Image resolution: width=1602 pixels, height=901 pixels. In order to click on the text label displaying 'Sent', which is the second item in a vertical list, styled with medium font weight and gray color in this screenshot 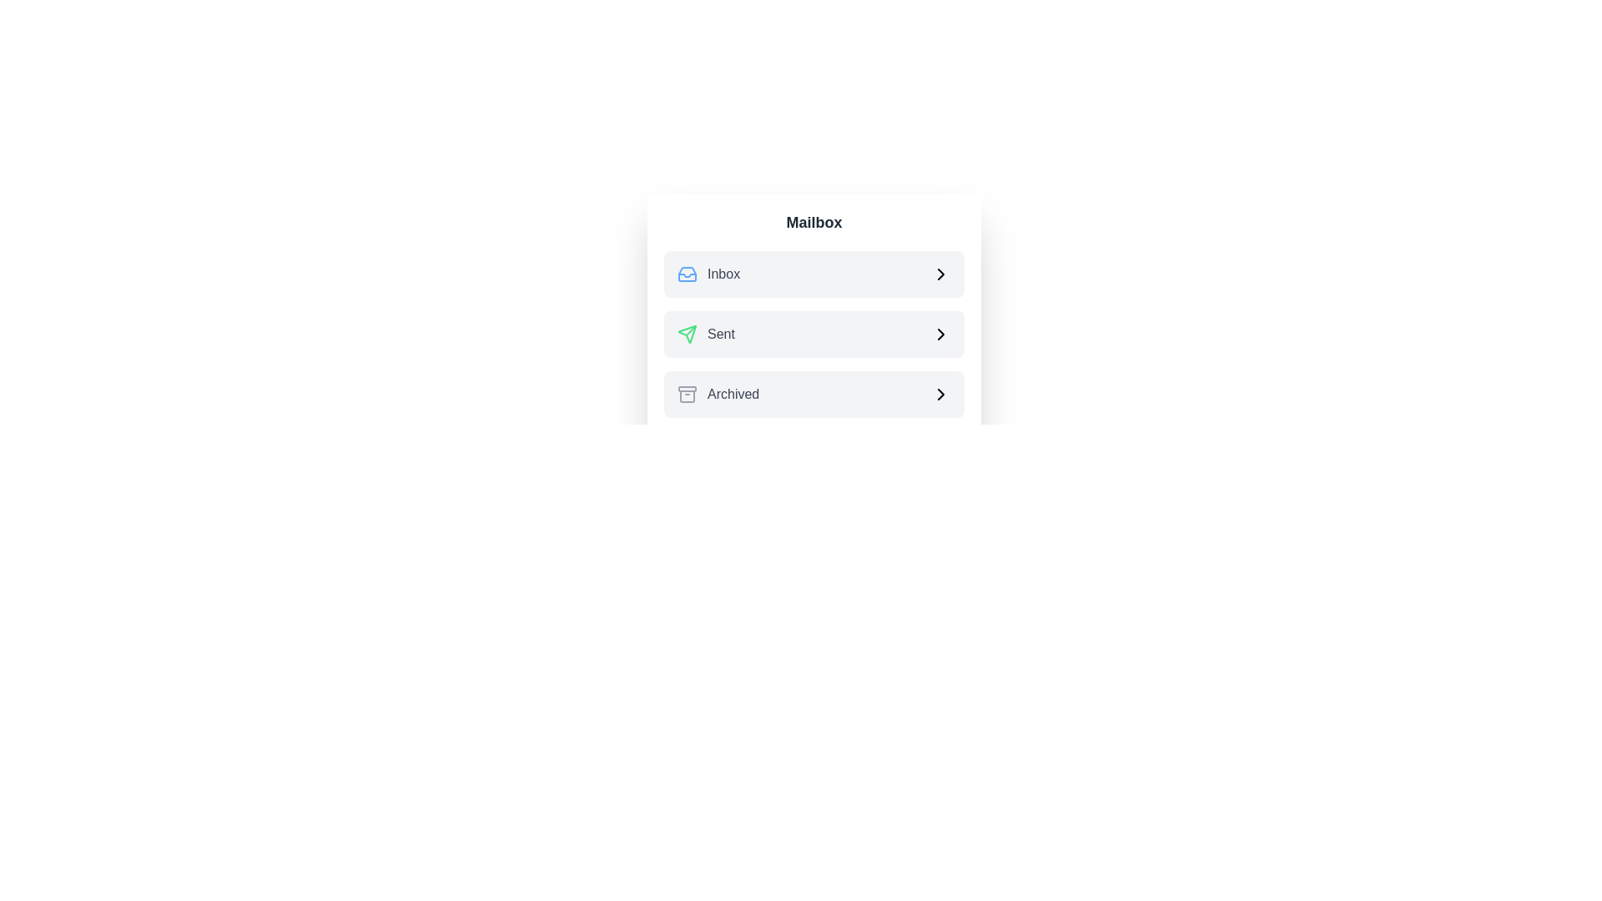, I will do `click(721, 335)`.